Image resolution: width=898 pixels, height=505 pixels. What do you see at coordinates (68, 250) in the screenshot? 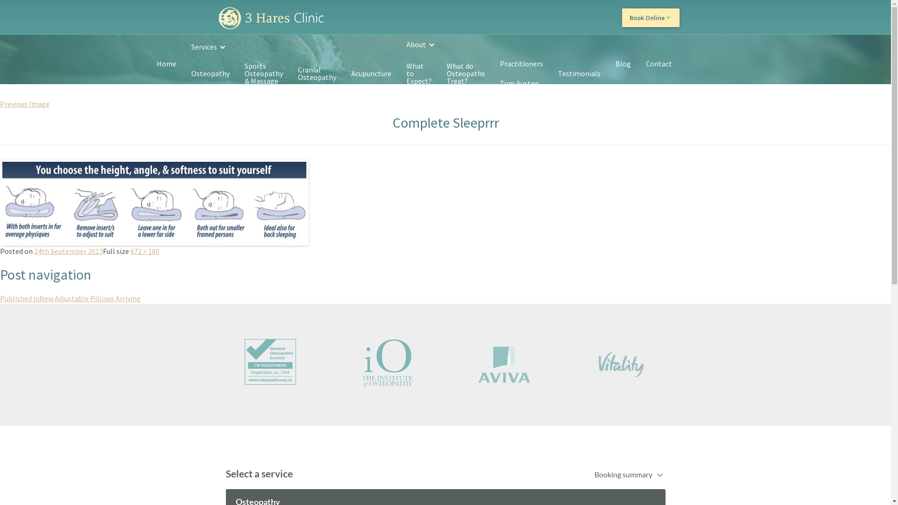
I see `'24th September 2013'` at bounding box center [68, 250].